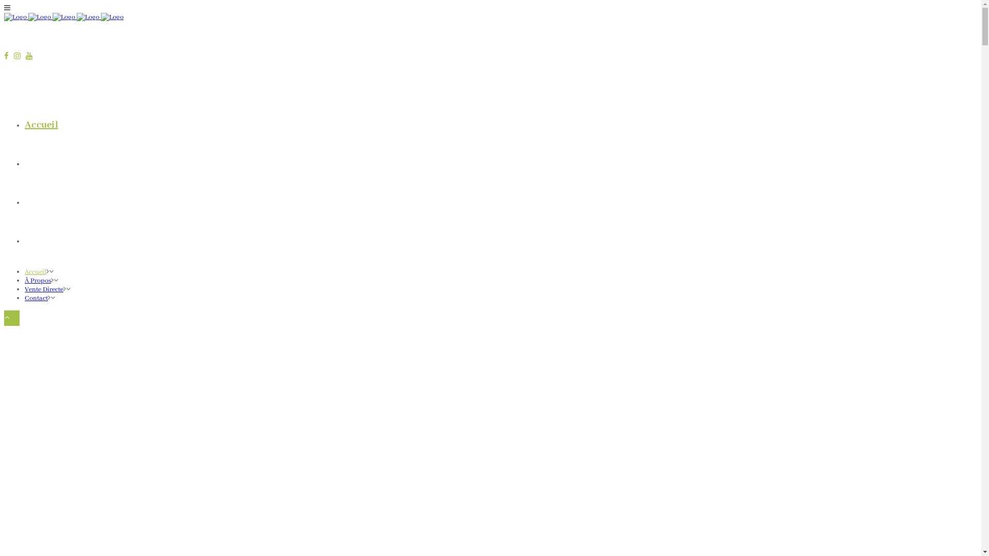 This screenshot has height=556, width=989. Describe the element at coordinates (36, 298) in the screenshot. I see `'Contact'` at that location.